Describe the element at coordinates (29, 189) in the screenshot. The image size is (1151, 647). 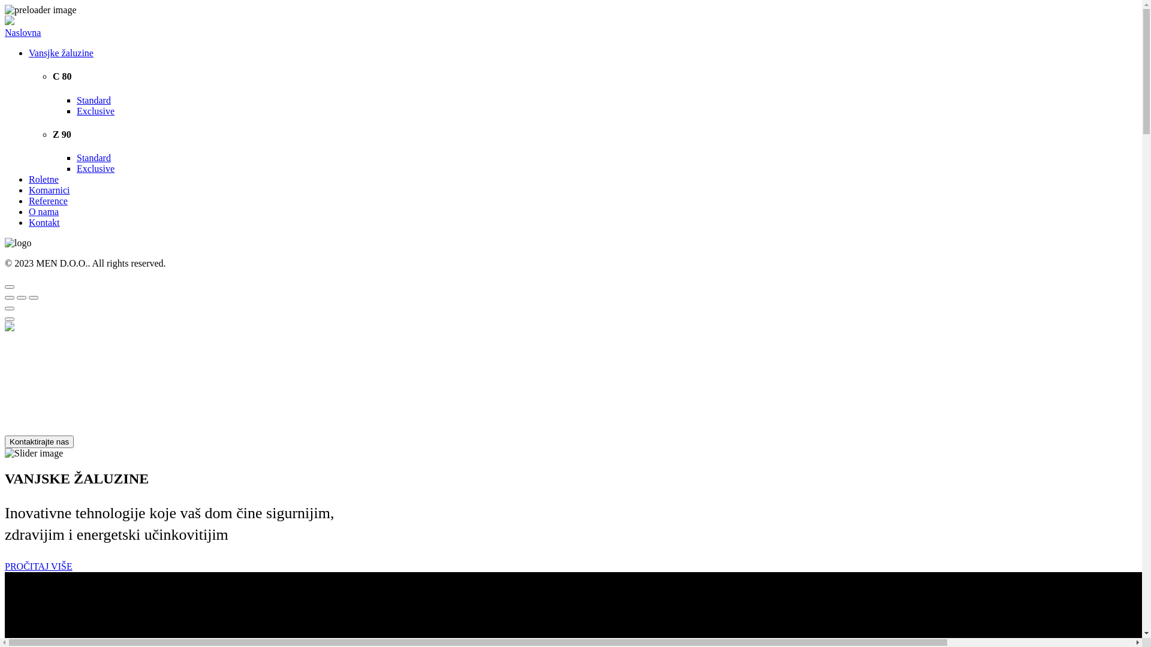
I see `'Komarnici'` at that location.